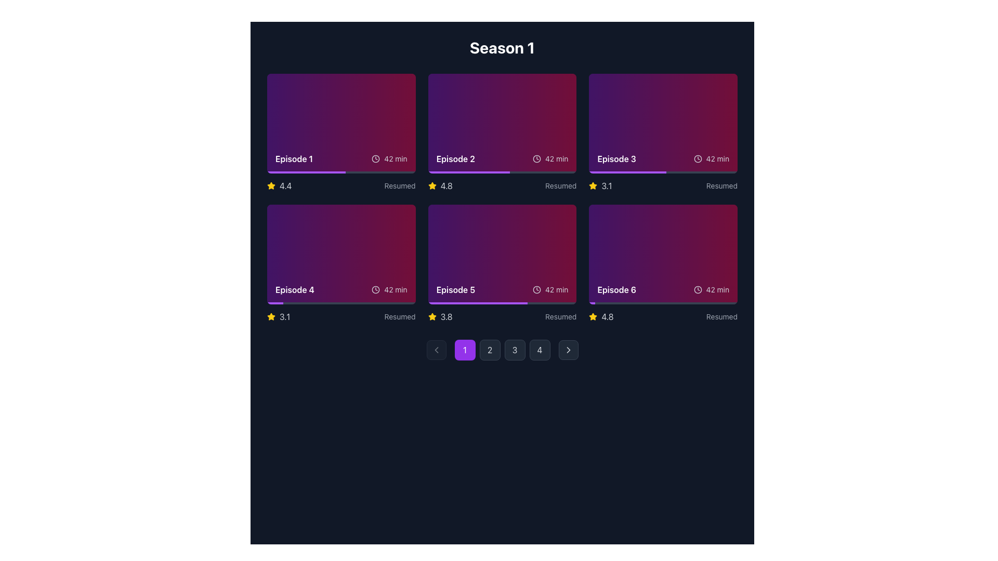  What do you see at coordinates (663, 132) in the screenshot?
I see `the card displaying 'Episode 3' with a gradient background in the top row, third column of the grid` at bounding box center [663, 132].